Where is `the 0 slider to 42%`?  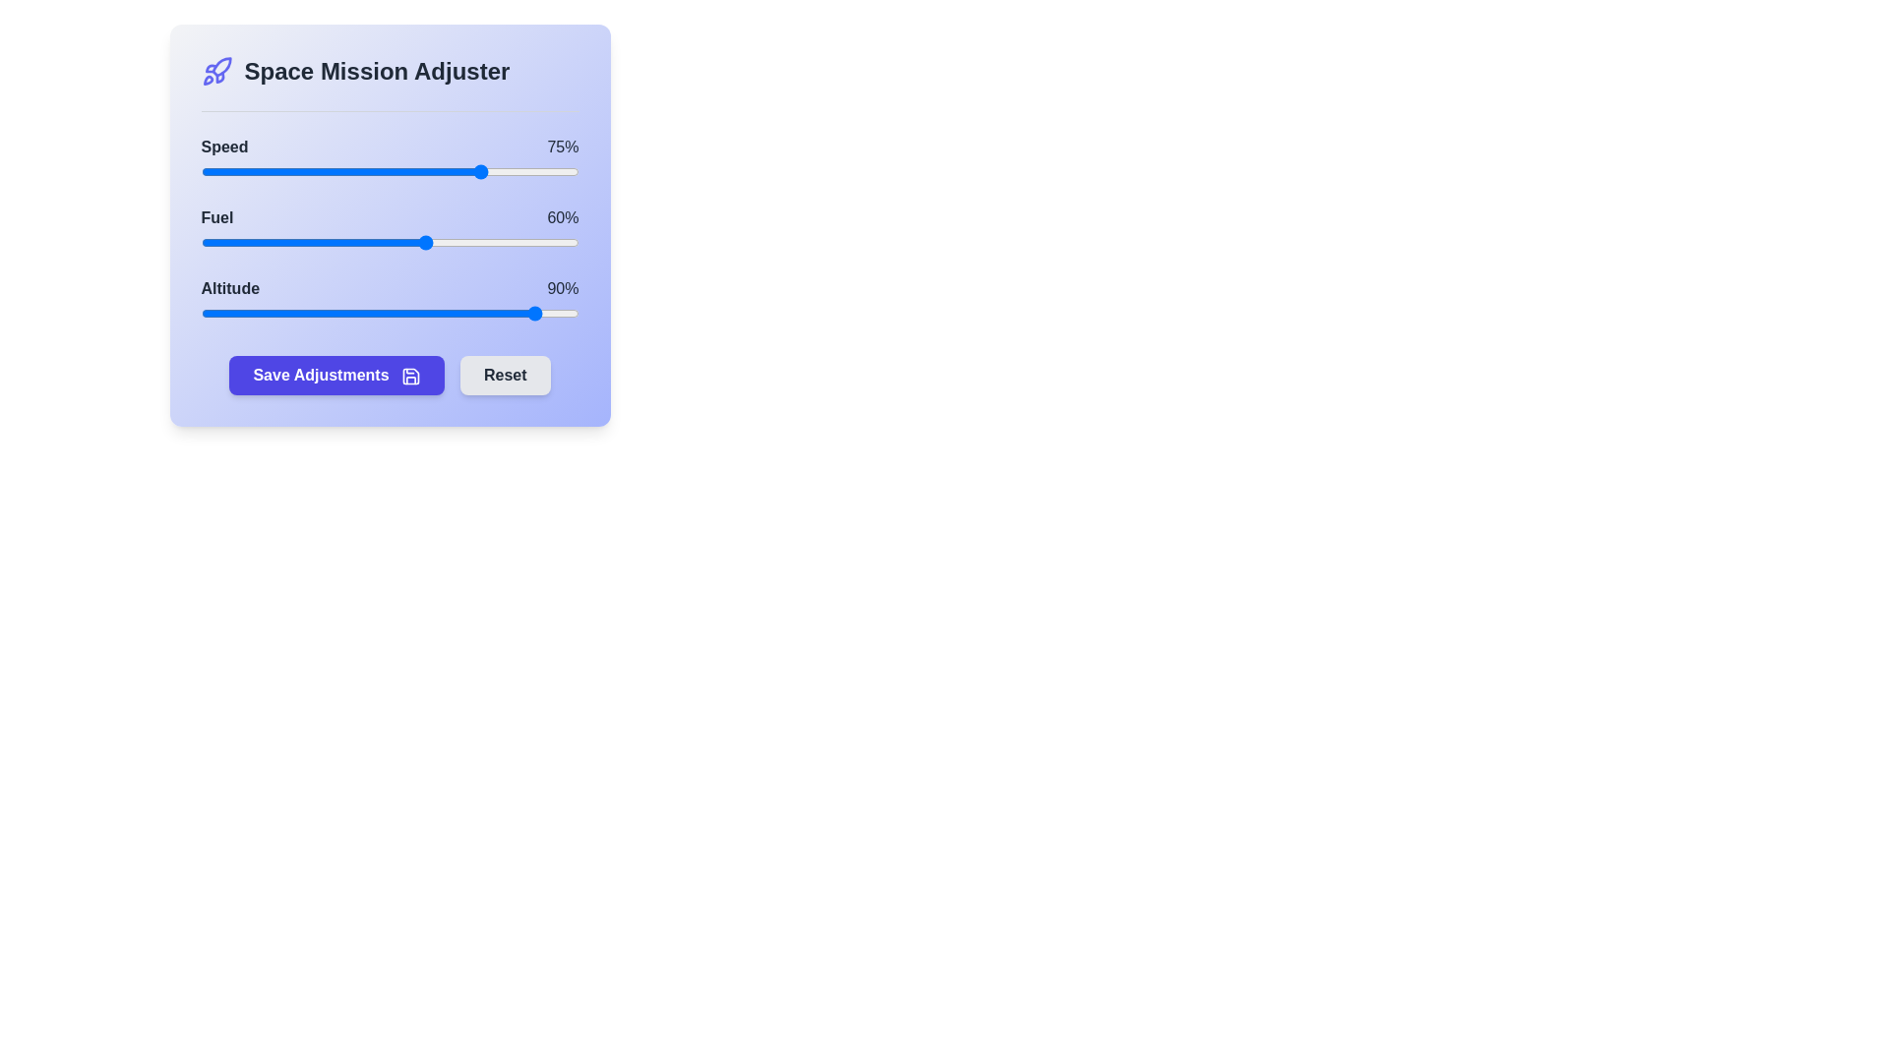 the 0 slider to 42% is located at coordinates (359, 170).